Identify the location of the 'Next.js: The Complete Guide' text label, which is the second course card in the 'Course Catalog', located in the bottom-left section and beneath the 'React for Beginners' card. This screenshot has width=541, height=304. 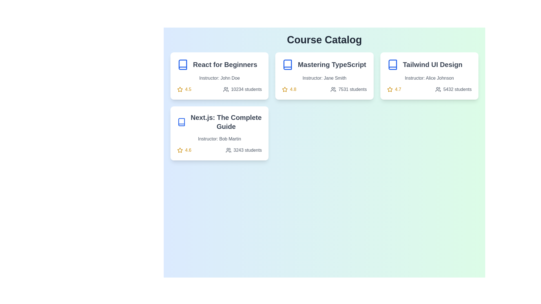
(219, 122).